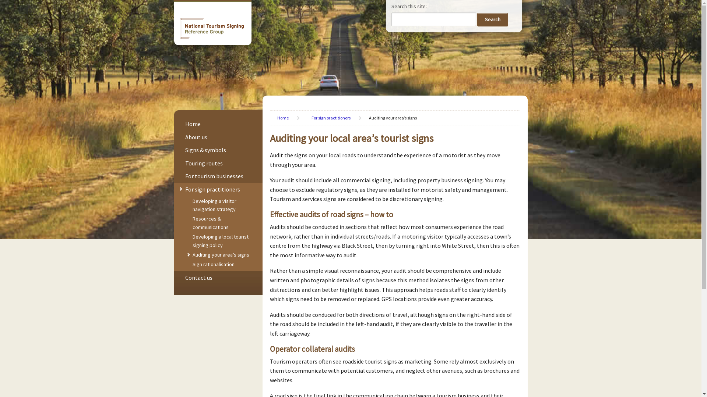 This screenshot has height=397, width=707. I want to click on 'Contact us', so click(198, 278).